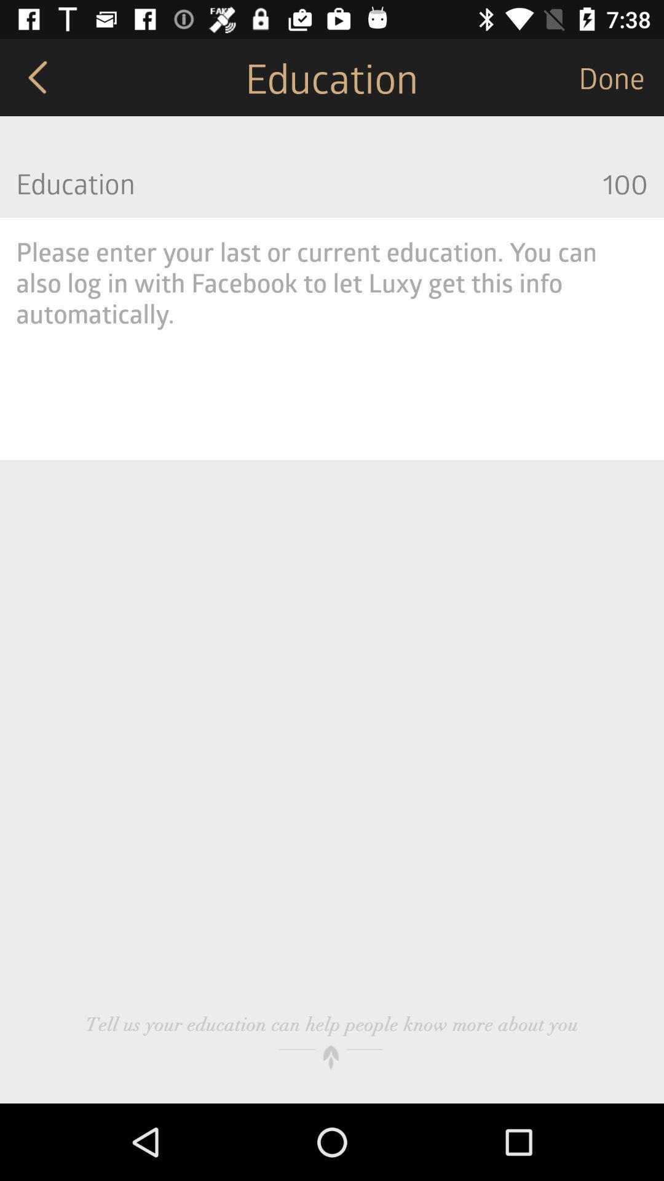  What do you see at coordinates (621, 76) in the screenshot?
I see `the done item` at bounding box center [621, 76].